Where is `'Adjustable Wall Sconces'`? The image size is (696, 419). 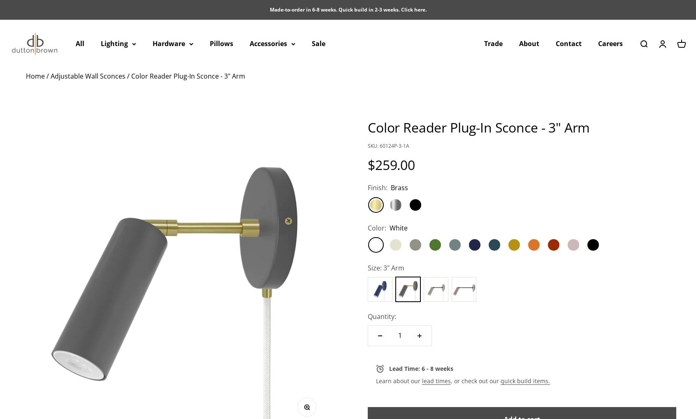 'Adjustable Wall Sconces' is located at coordinates (88, 76).